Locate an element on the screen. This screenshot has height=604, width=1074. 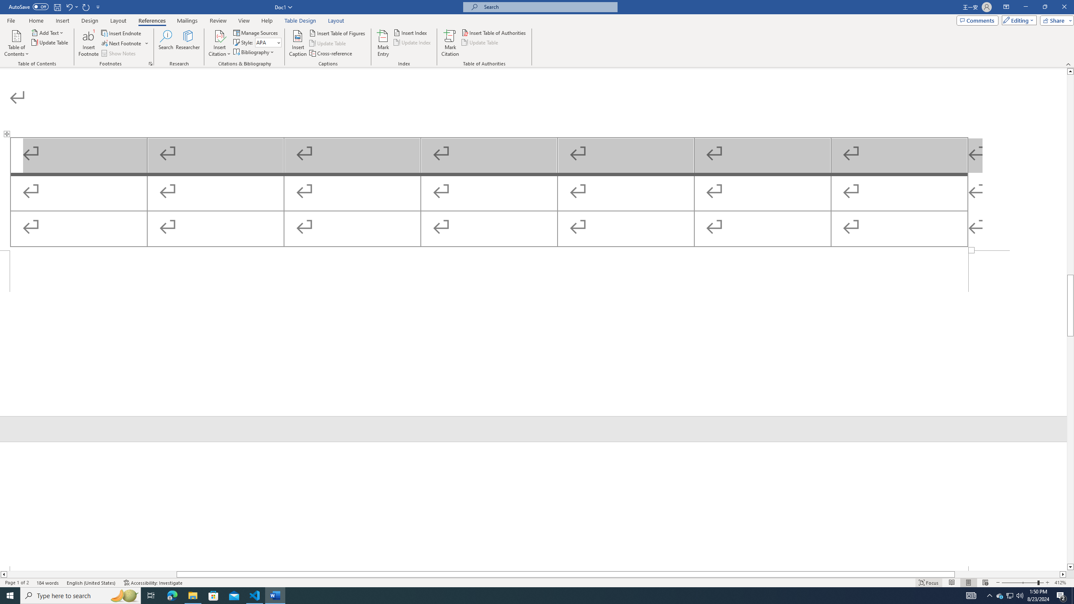
'Mark Citation...' is located at coordinates (450, 43).